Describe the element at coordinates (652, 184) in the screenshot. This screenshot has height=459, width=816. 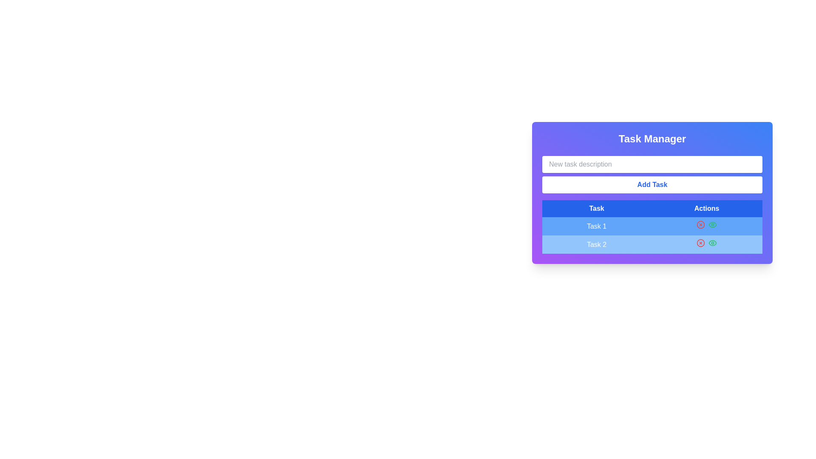
I see `the button located at the bottom of the task management interface` at that location.